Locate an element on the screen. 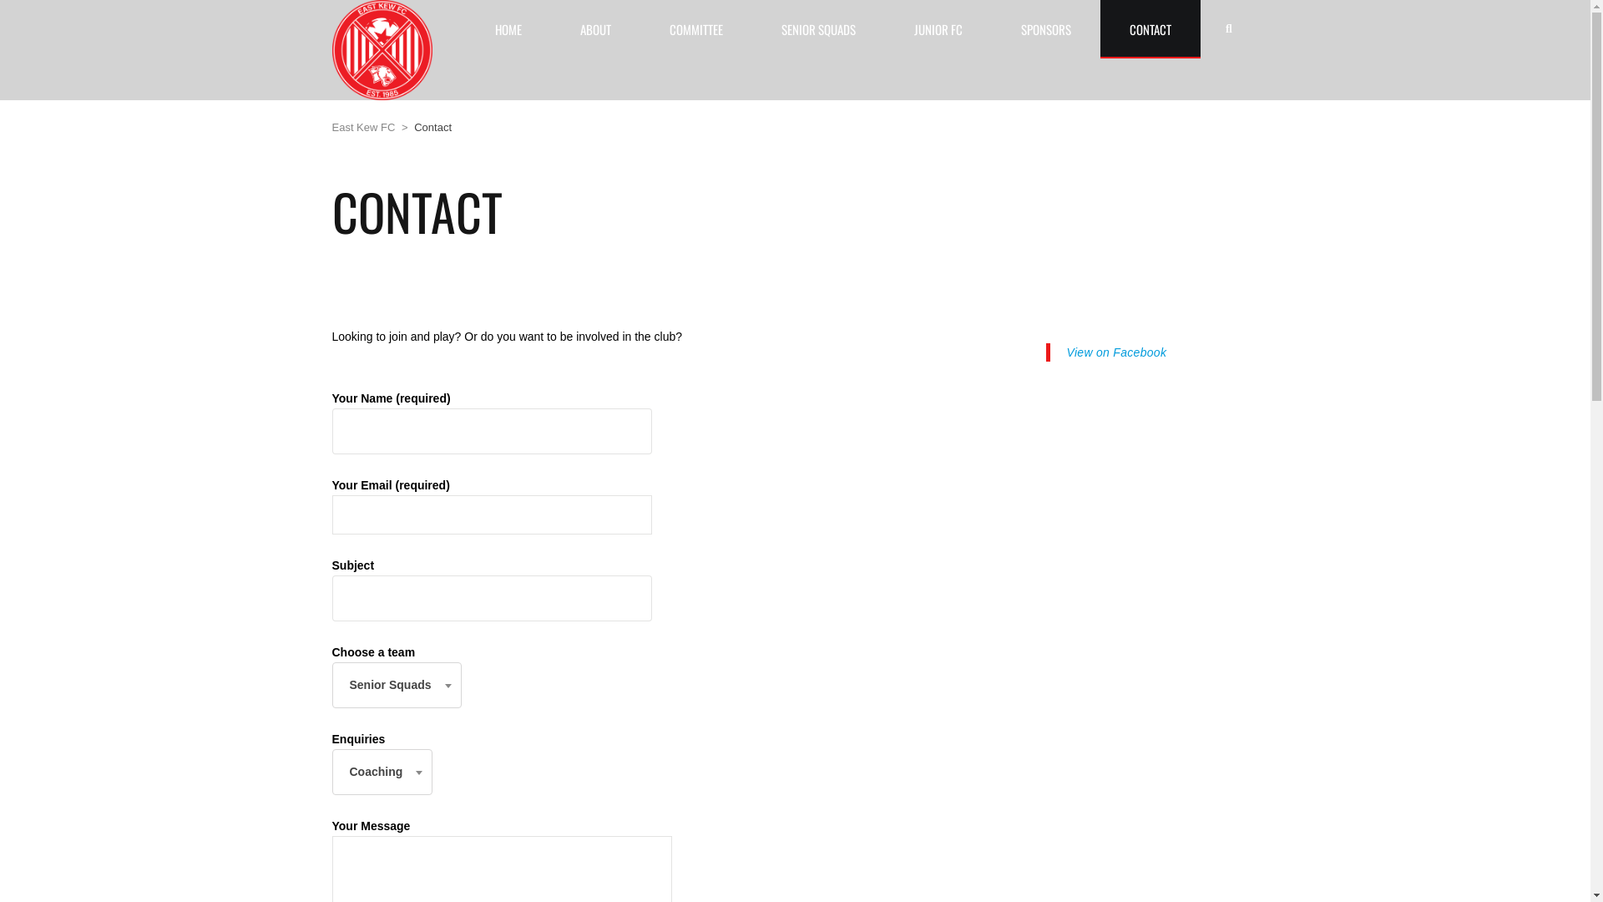 The image size is (1603, 902). 'HOME' is located at coordinates (508, 28).